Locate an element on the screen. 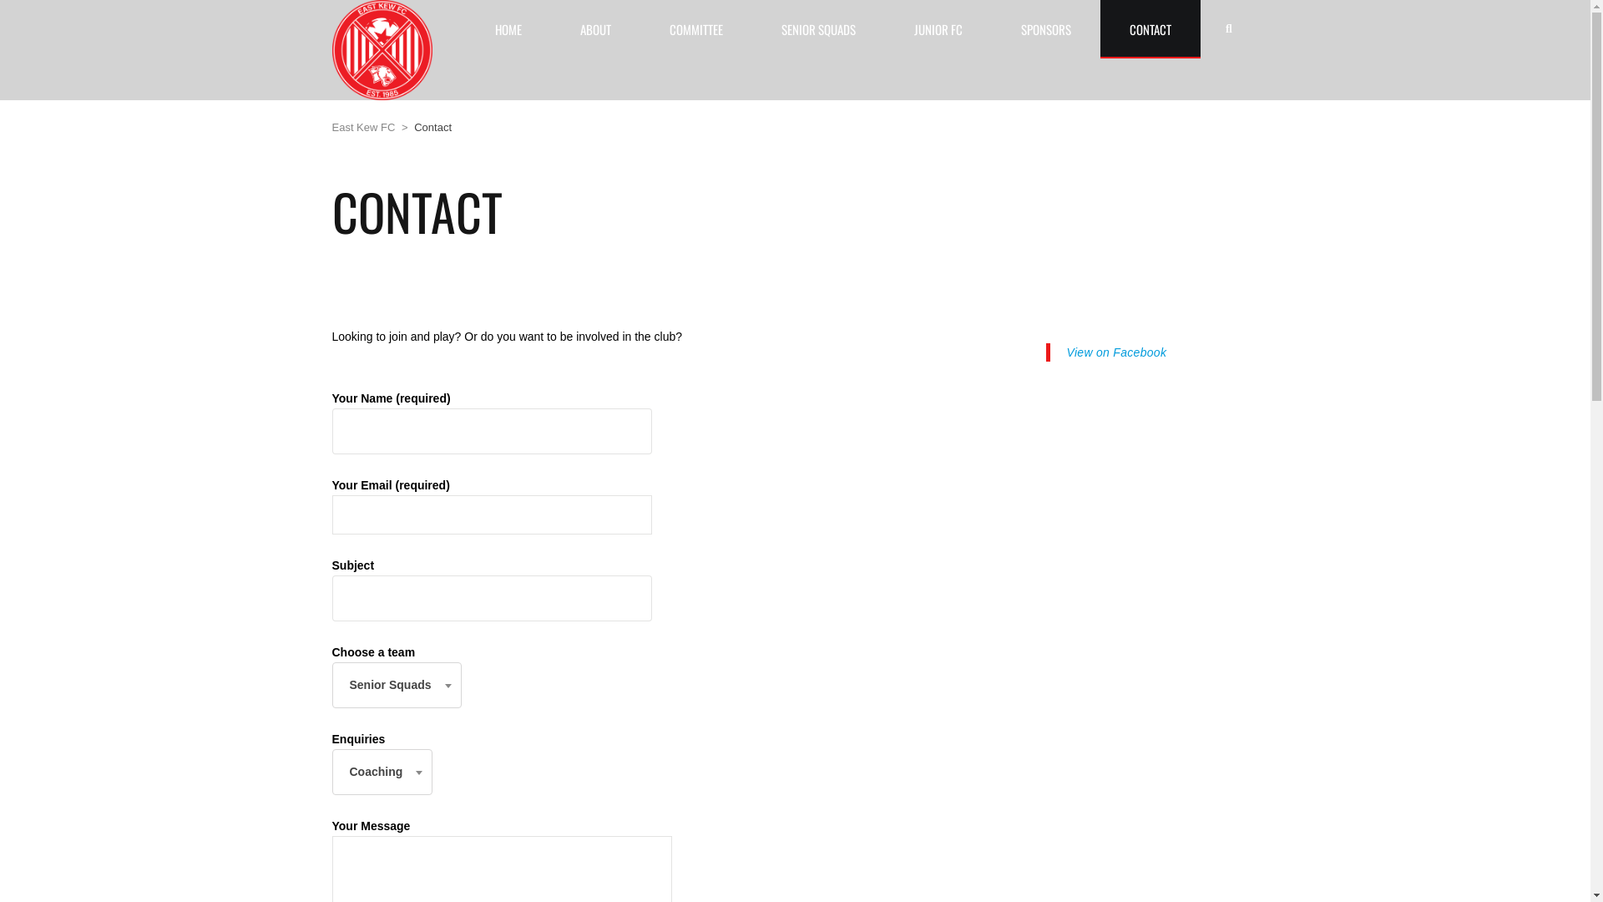 The image size is (1603, 902). 'HOME' is located at coordinates (508, 28).